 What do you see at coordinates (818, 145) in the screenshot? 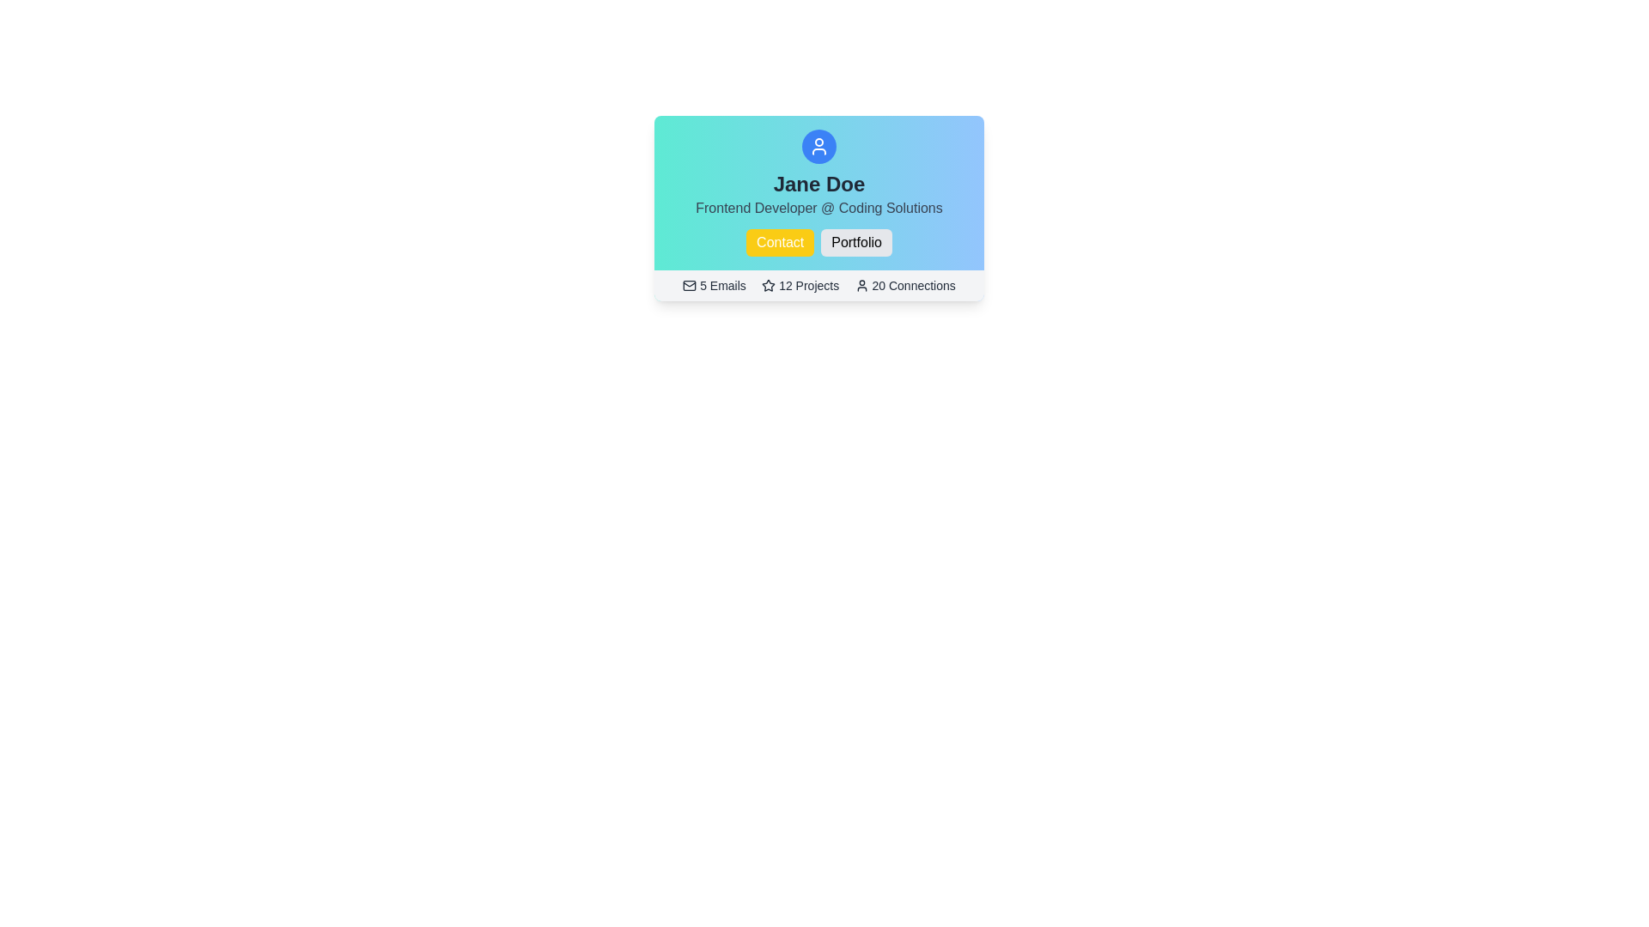
I see `the Avatar icon containing a user symbol, displayed in white on a blue background, located above the text 'Jane Doe' within the card component` at bounding box center [818, 145].